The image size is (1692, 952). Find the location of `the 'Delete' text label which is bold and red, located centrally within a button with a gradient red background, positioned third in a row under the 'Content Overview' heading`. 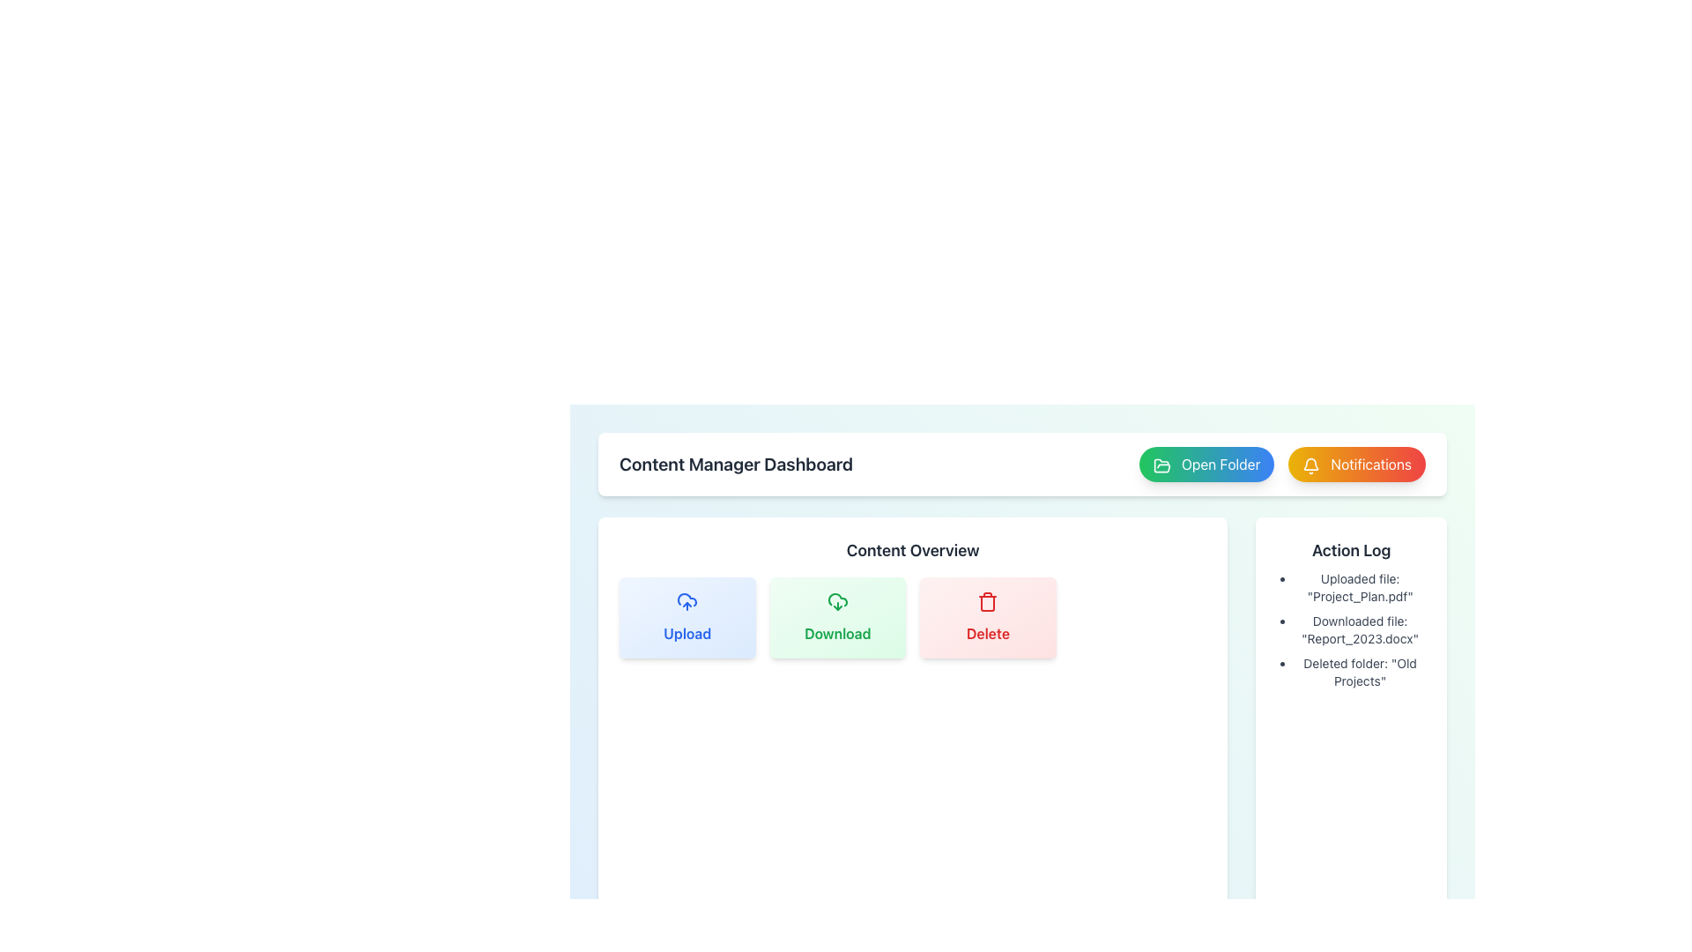

the 'Delete' text label which is bold and red, located centrally within a button with a gradient red background, positioned third in a row under the 'Content Overview' heading is located at coordinates (988, 632).